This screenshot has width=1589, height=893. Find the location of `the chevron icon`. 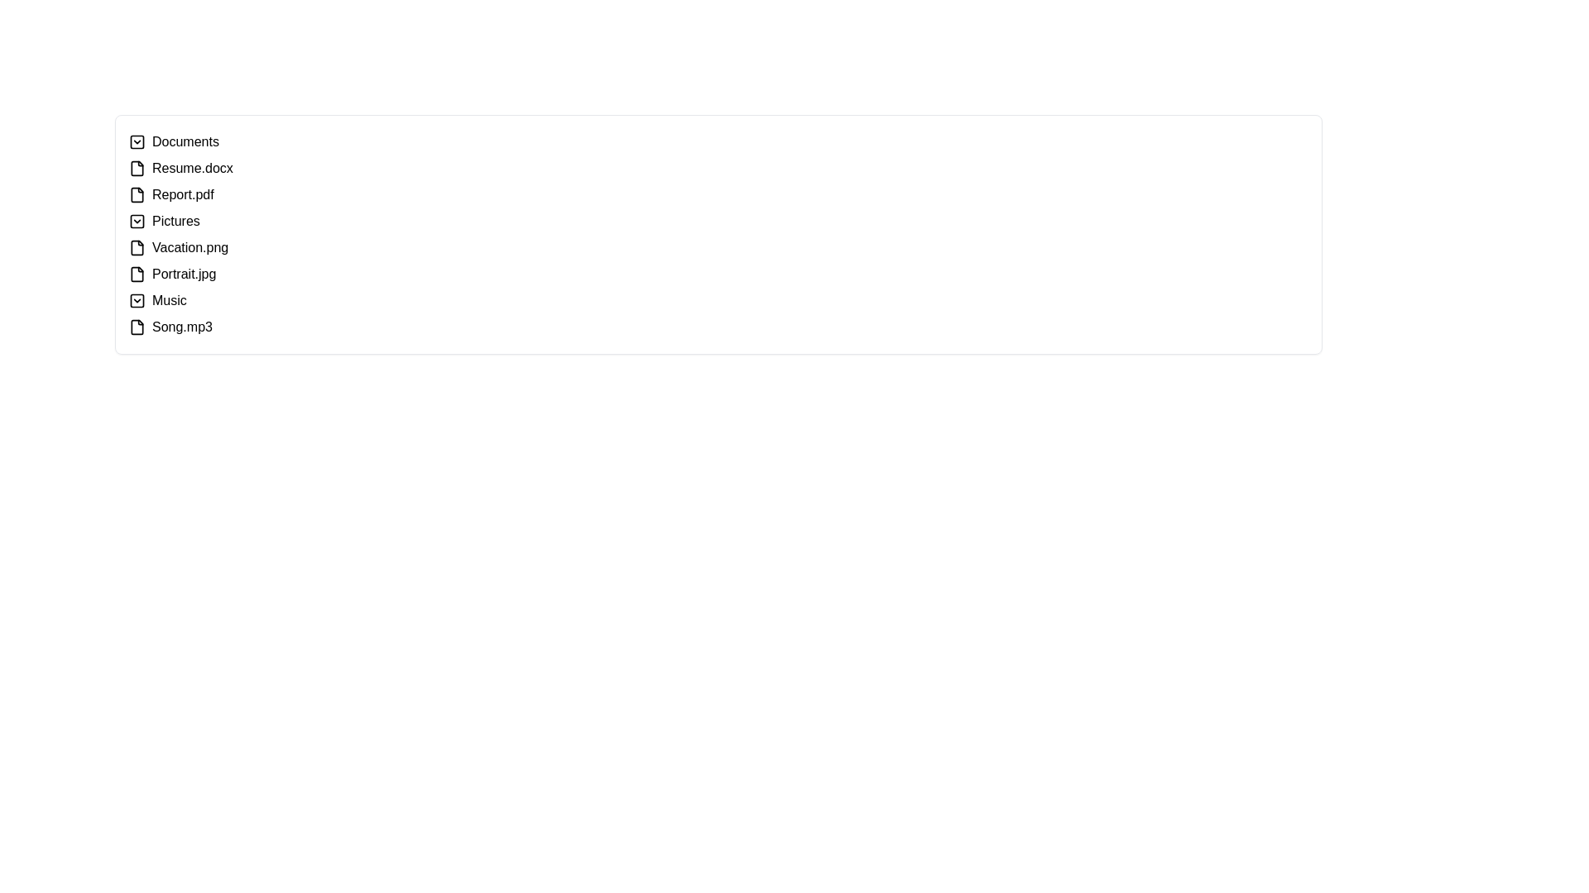

the chevron icon is located at coordinates (137, 300).